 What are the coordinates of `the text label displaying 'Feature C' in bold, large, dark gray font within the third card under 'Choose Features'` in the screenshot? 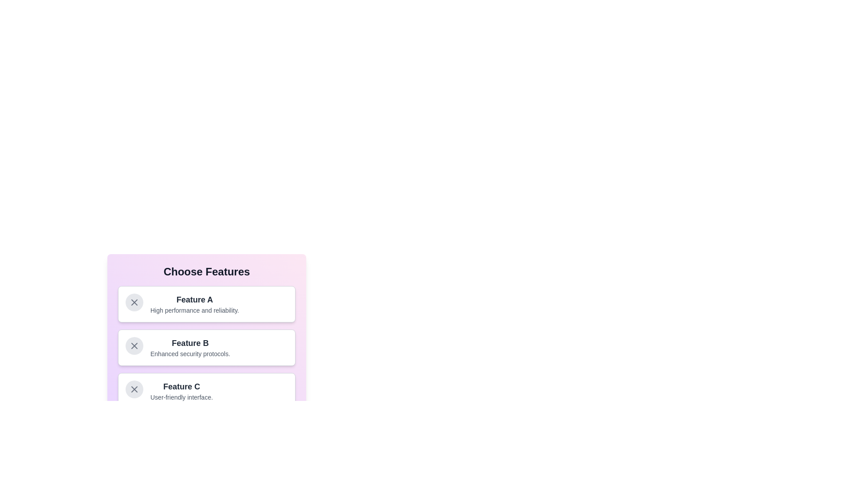 It's located at (181, 386).